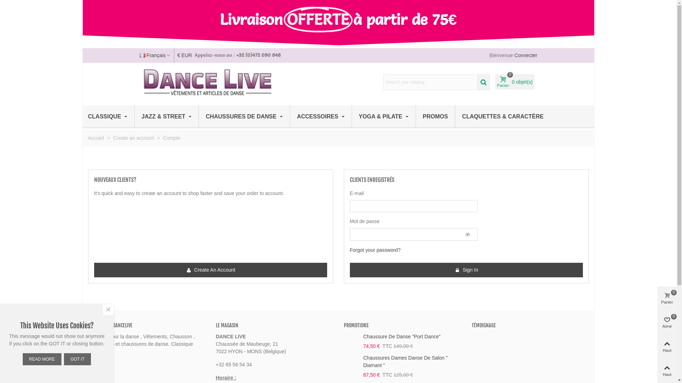 This screenshot has width=682, height=383. I want to click on 'Create an account', so click(113, 138).